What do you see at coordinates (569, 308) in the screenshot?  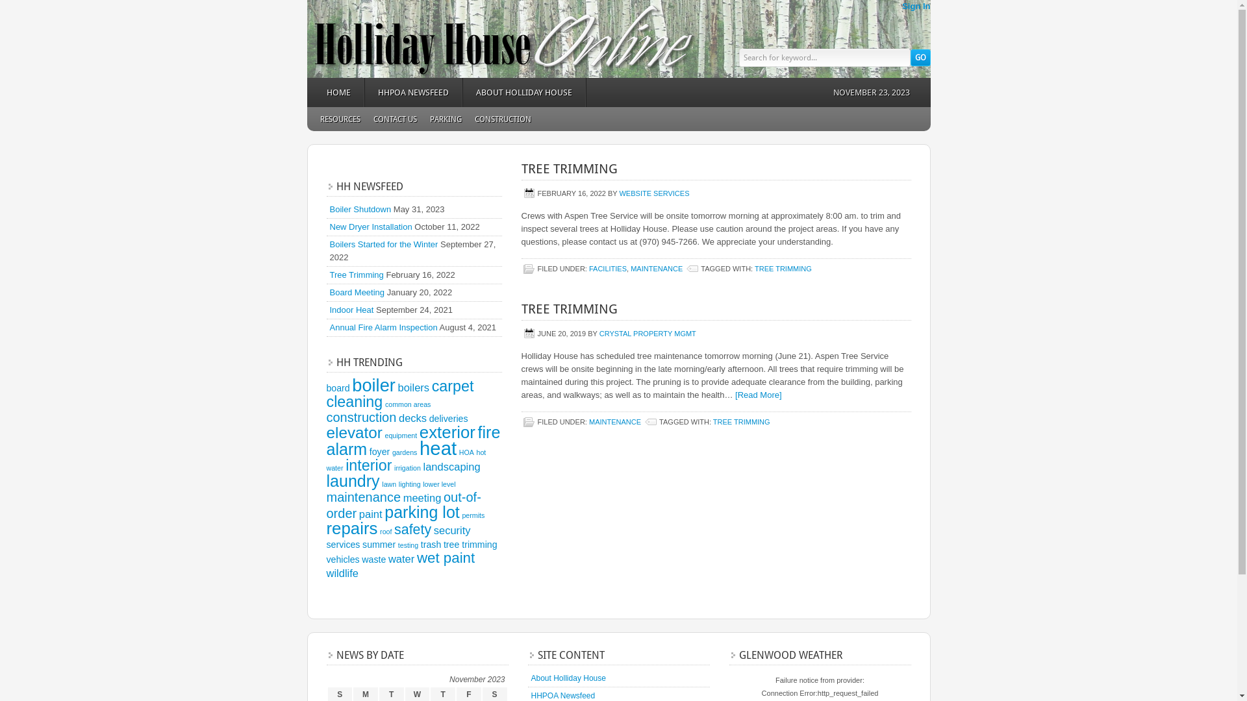 I see `'TREE TRIMMING'` at bounding box center [569, 308].